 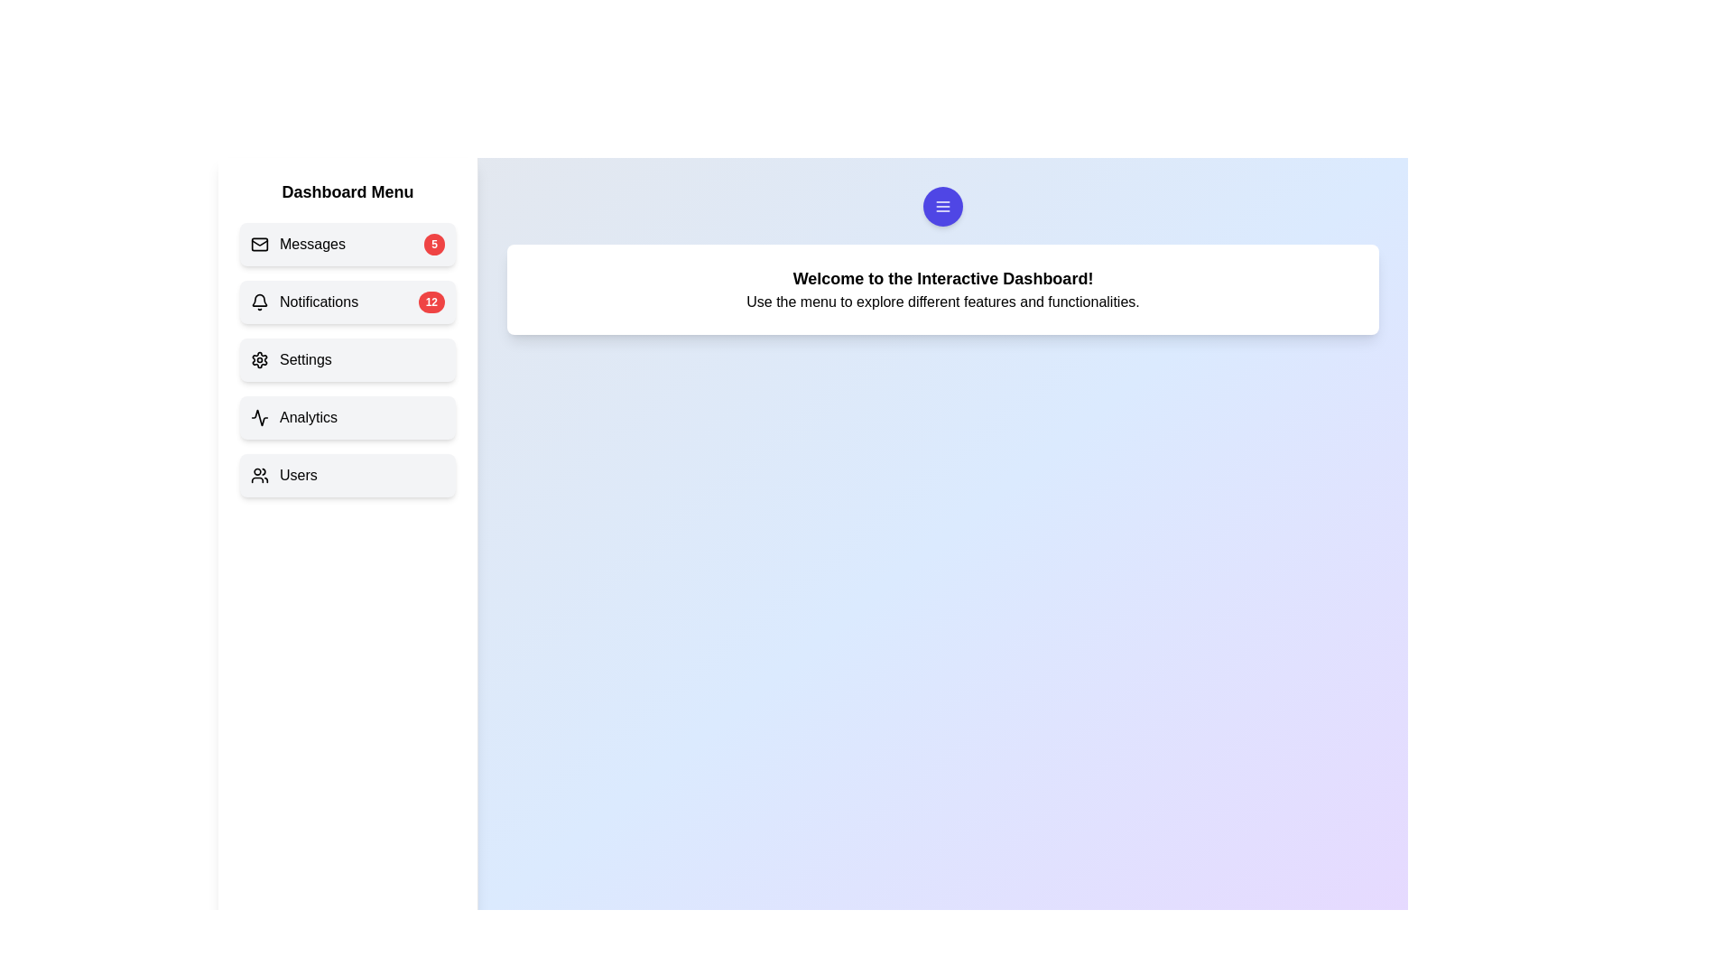 I want to click on the menu item Messages to navigate to its respective section, so click(x=348, y=244).